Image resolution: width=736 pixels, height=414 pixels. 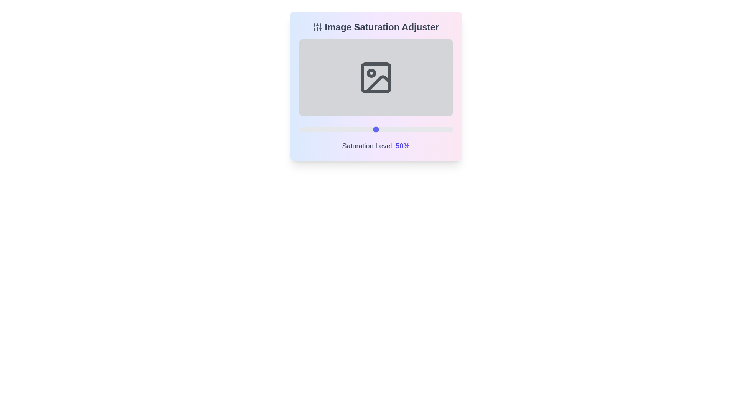 What do you see at coordinates (432, 129) in the screenshot?
I see `the saturation slider to set the saturation level to 87` at bounding box center [432, 129].